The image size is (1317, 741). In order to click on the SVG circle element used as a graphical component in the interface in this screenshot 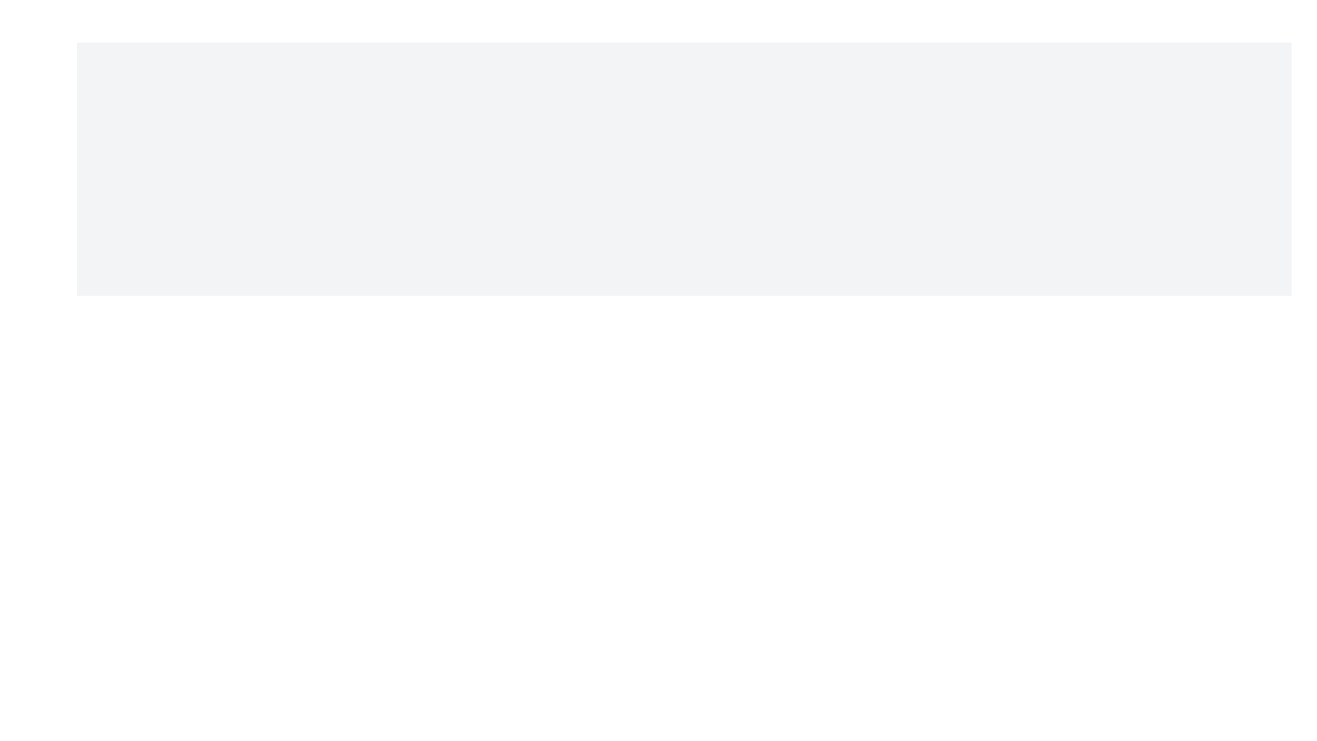, I will do `click(658, 414)`.